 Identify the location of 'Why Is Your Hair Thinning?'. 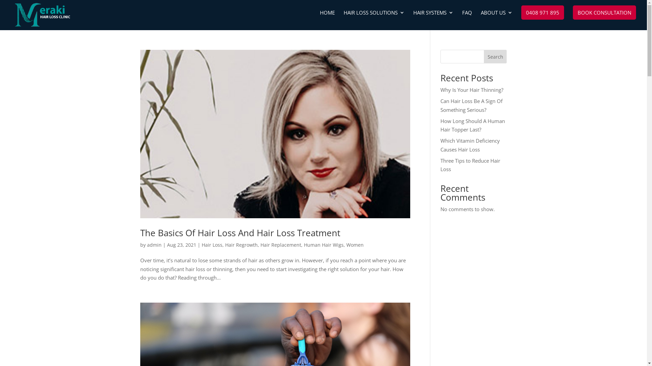
(471, 89).